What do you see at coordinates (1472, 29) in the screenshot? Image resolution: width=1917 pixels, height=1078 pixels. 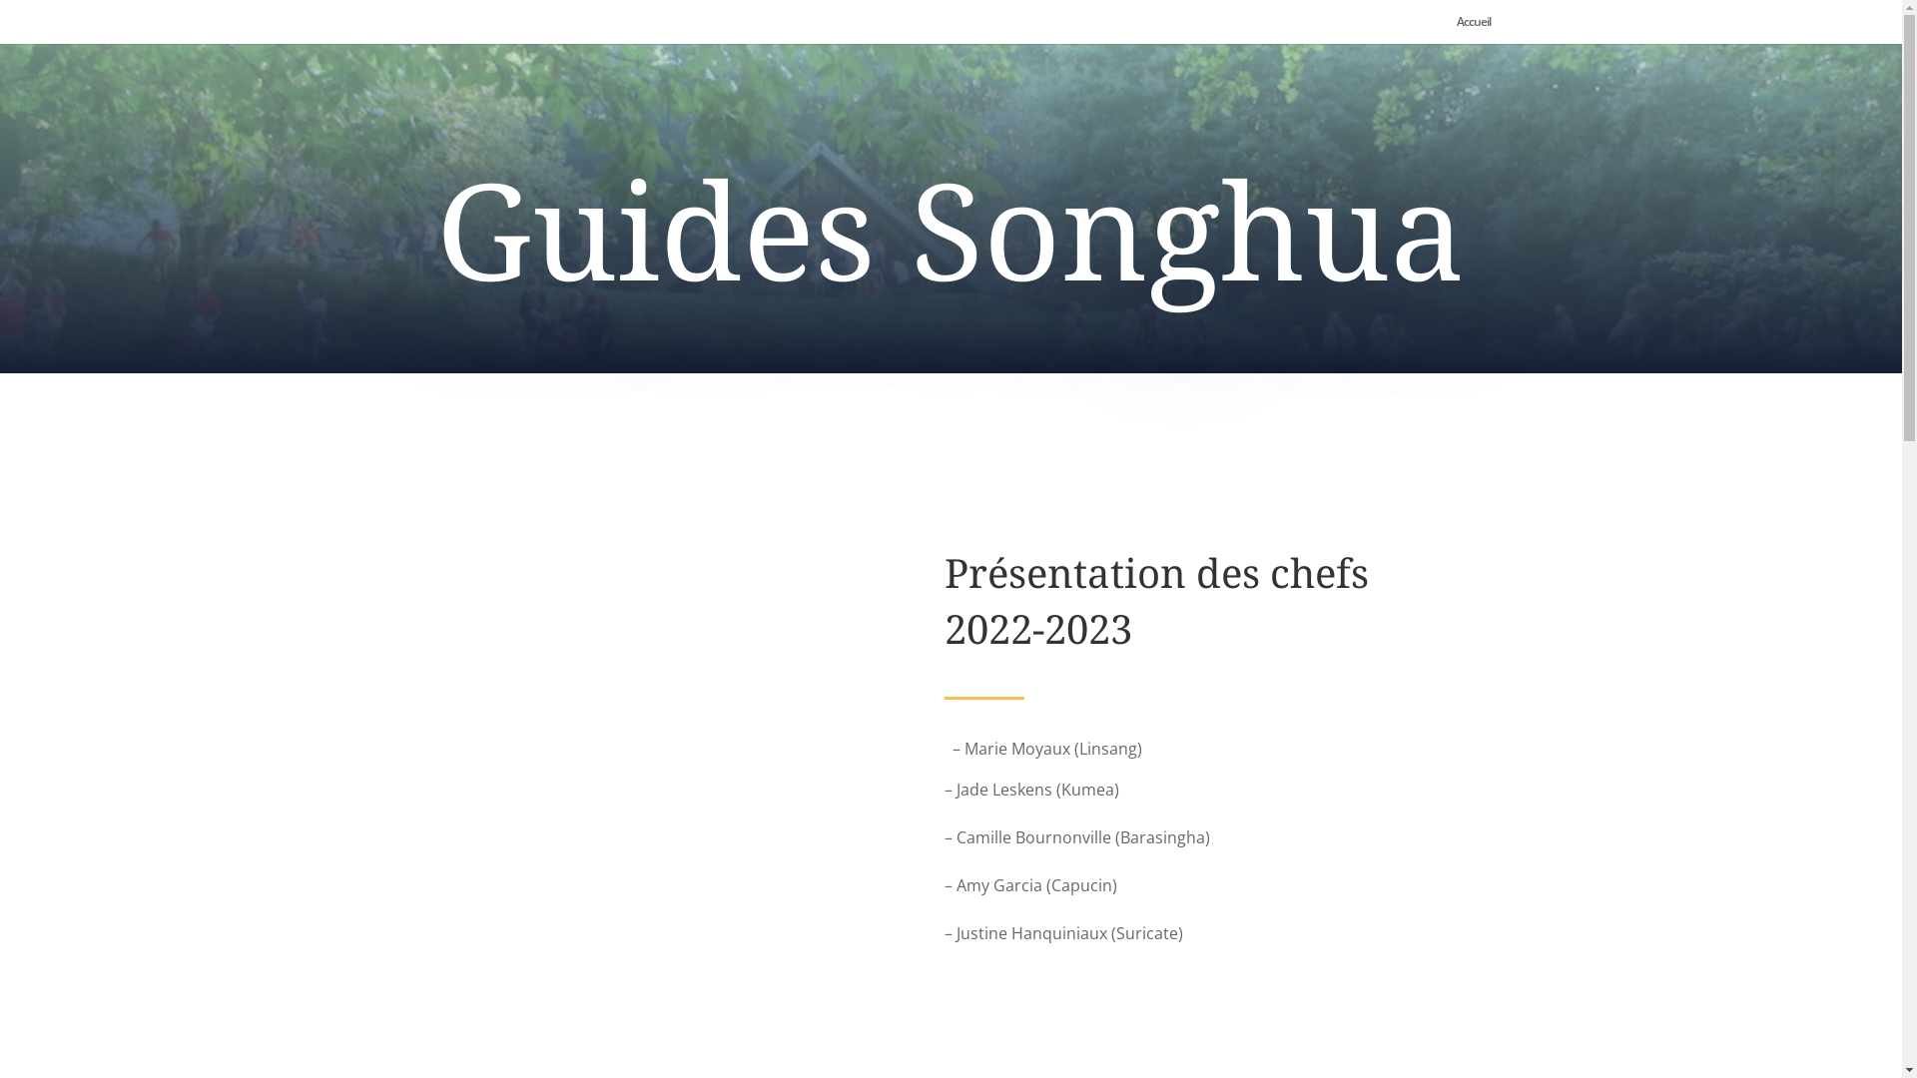 I see `'Accueil'` at bounding box center [1472, 29].